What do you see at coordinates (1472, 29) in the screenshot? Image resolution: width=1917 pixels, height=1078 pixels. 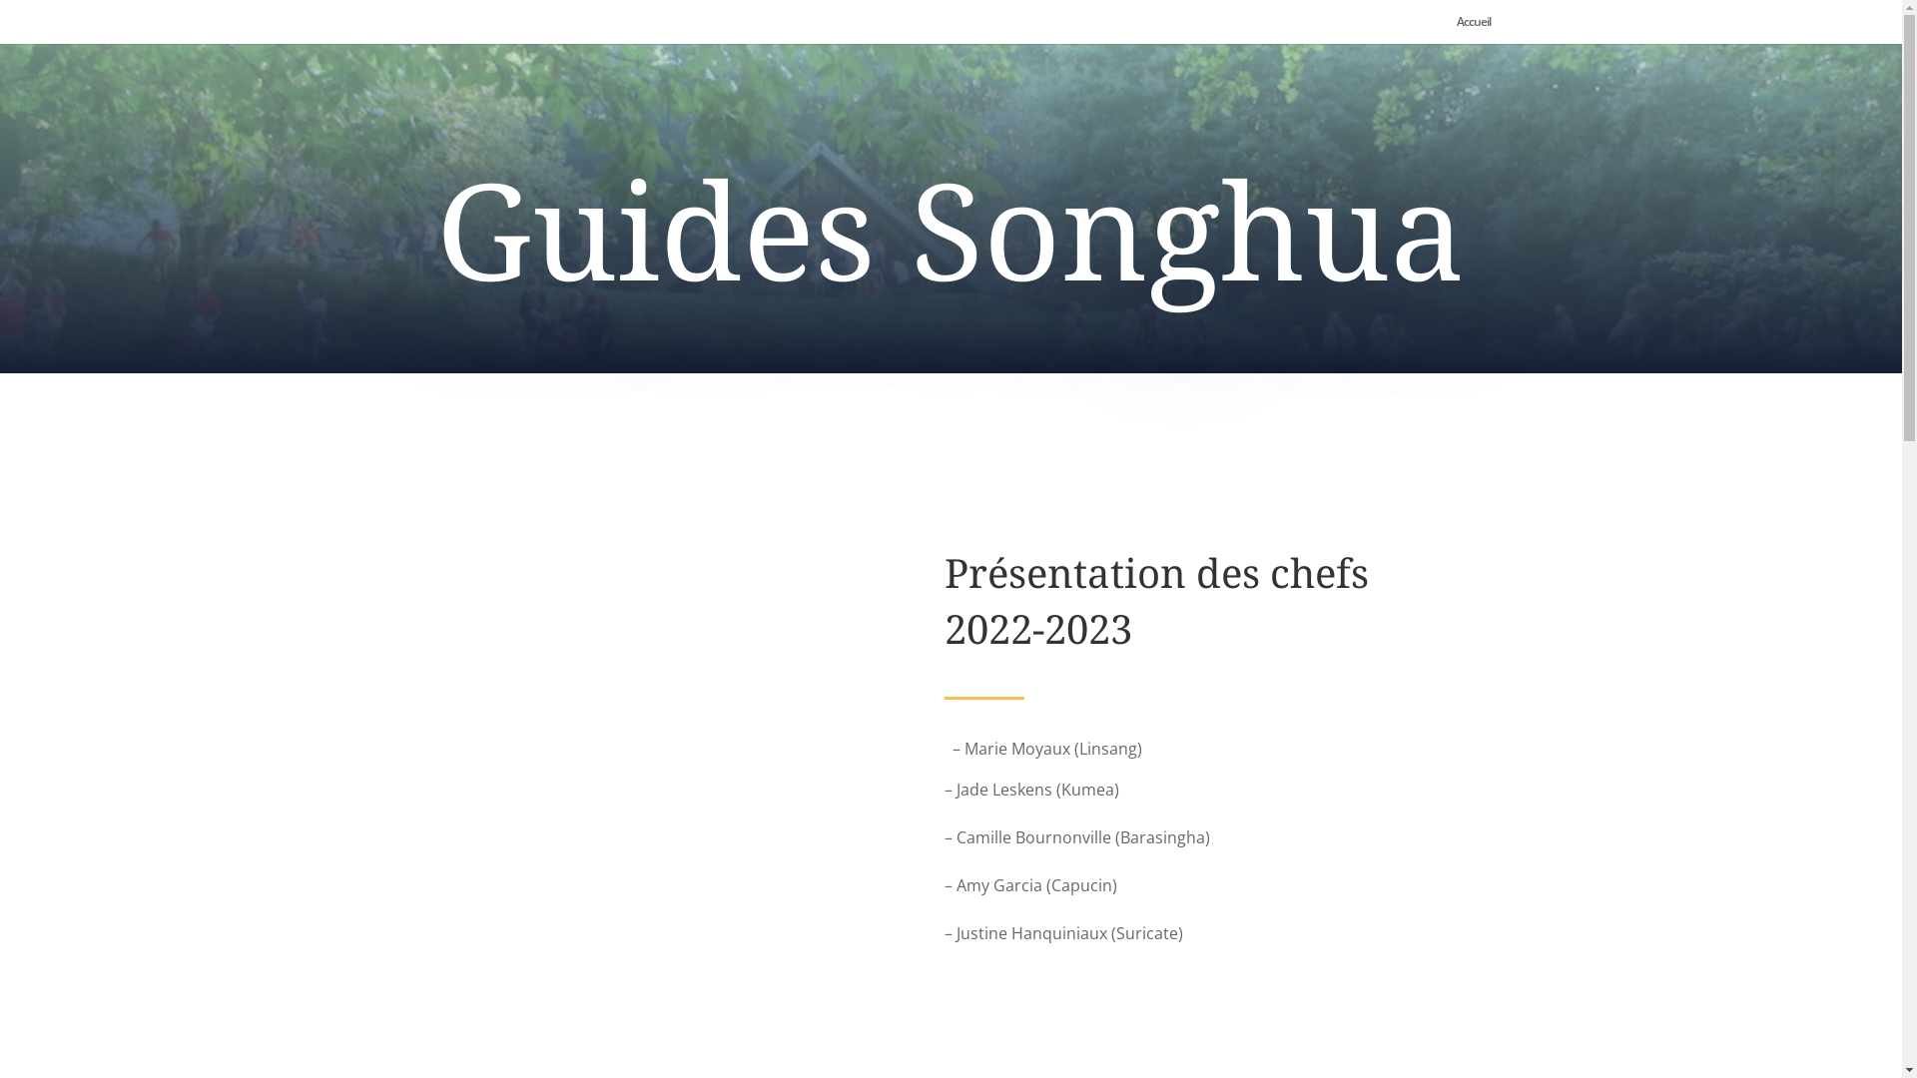 I see `'Accueil'` at bounding box center [1472, 29].